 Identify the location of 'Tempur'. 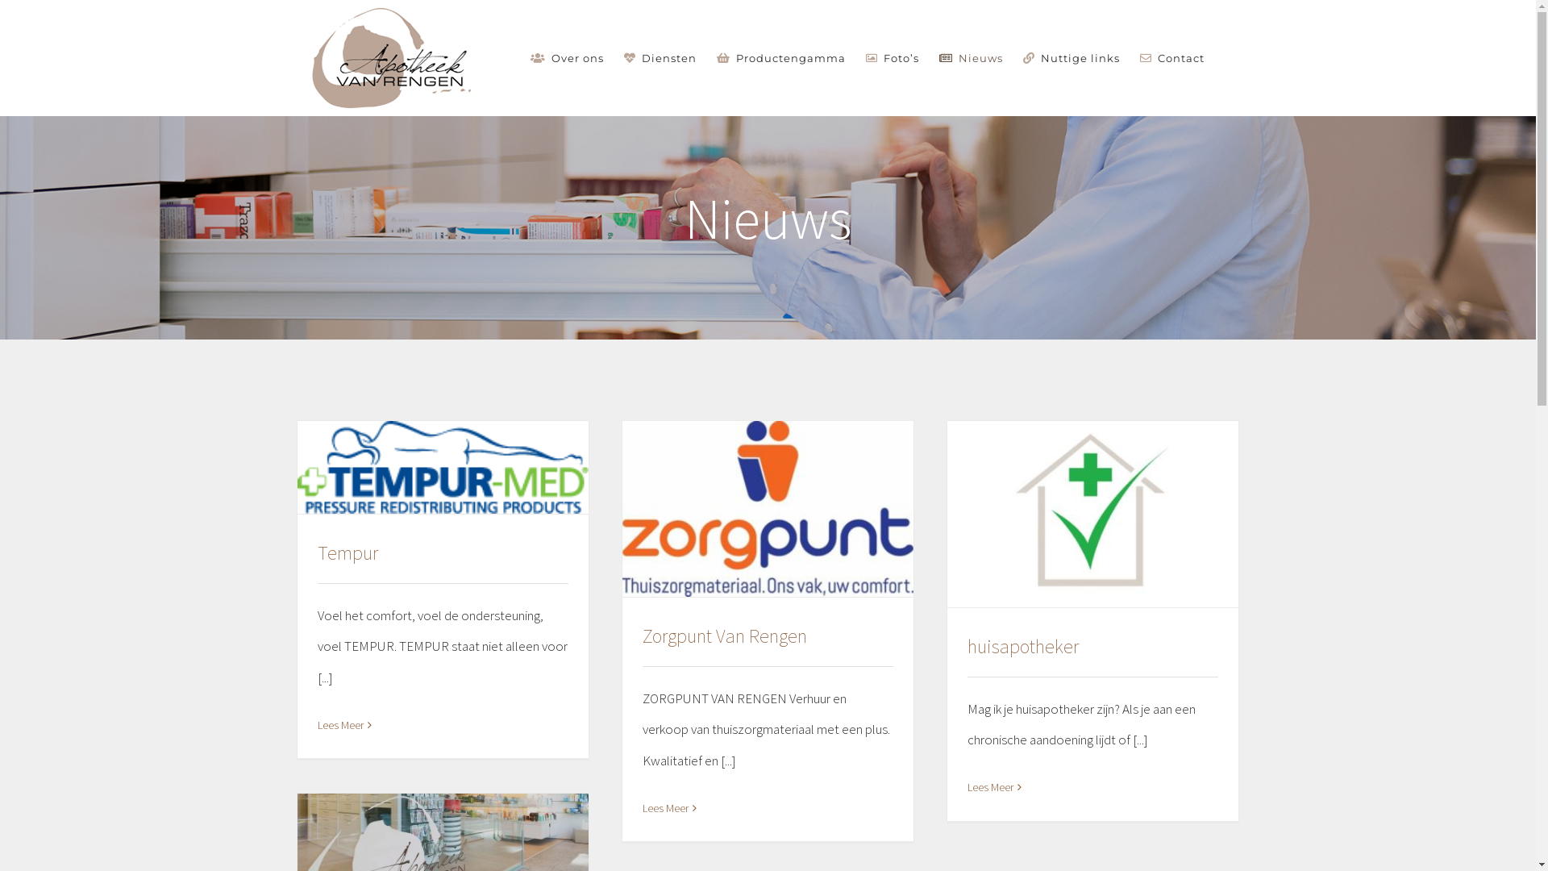
(347, 552).